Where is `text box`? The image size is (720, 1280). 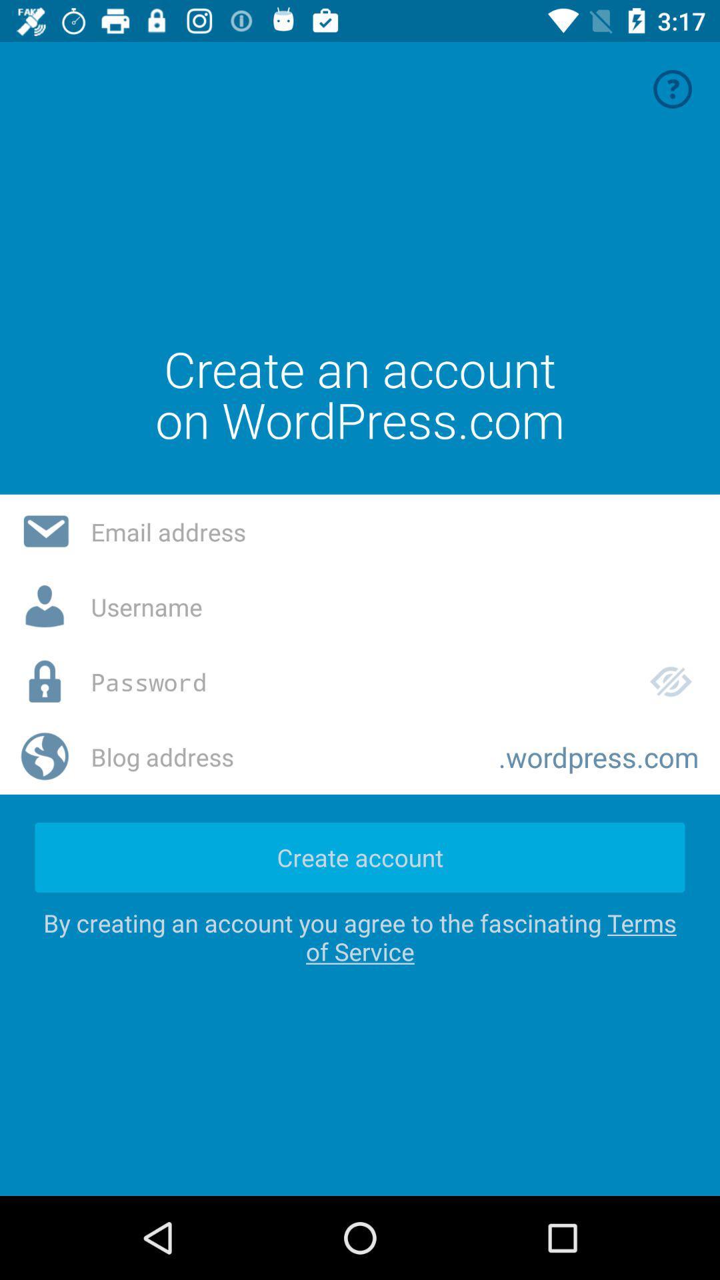
text box is located at coordinates (394, 606).